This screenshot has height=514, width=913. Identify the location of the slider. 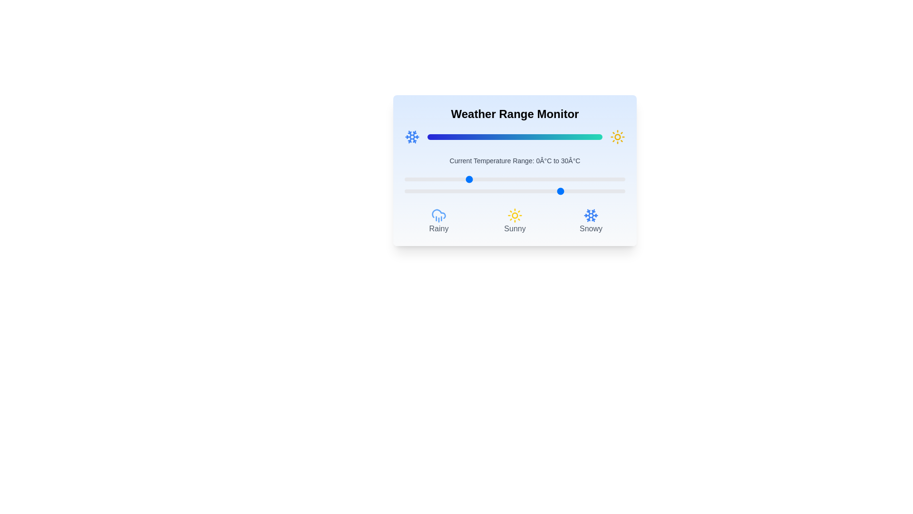
(436, 179).